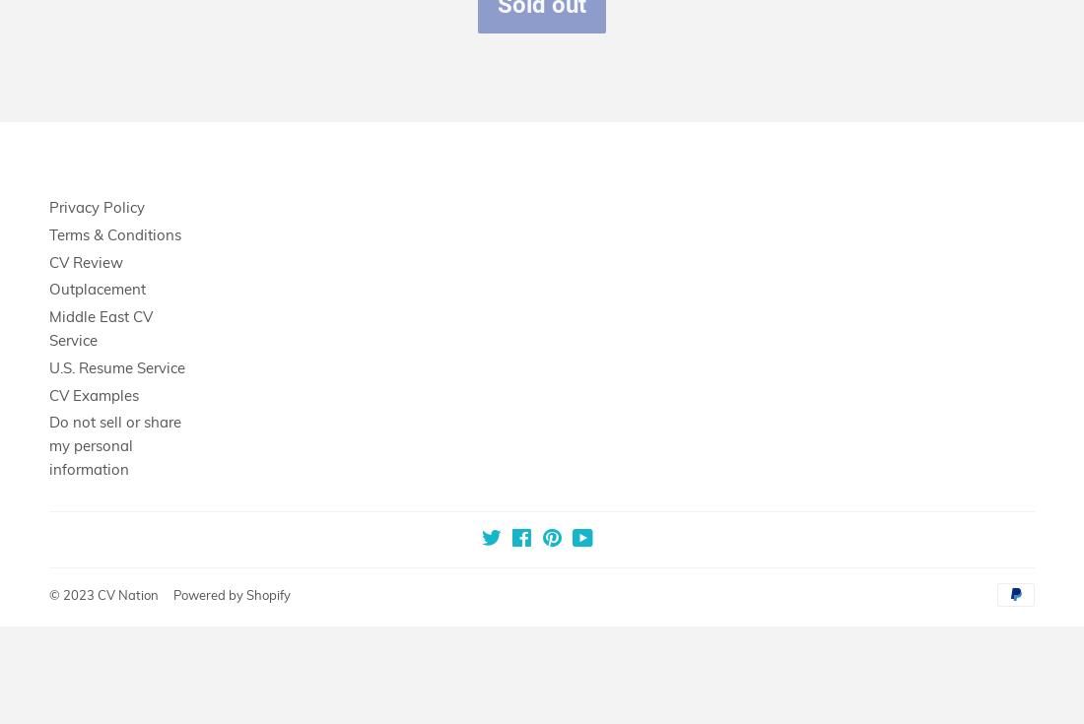 Image resolution: width=1084 pixels, height=724 pixels. Describe the element at coordinates (115, 232) in the screenshot. I see `'Terms & Conditions'` at that location.